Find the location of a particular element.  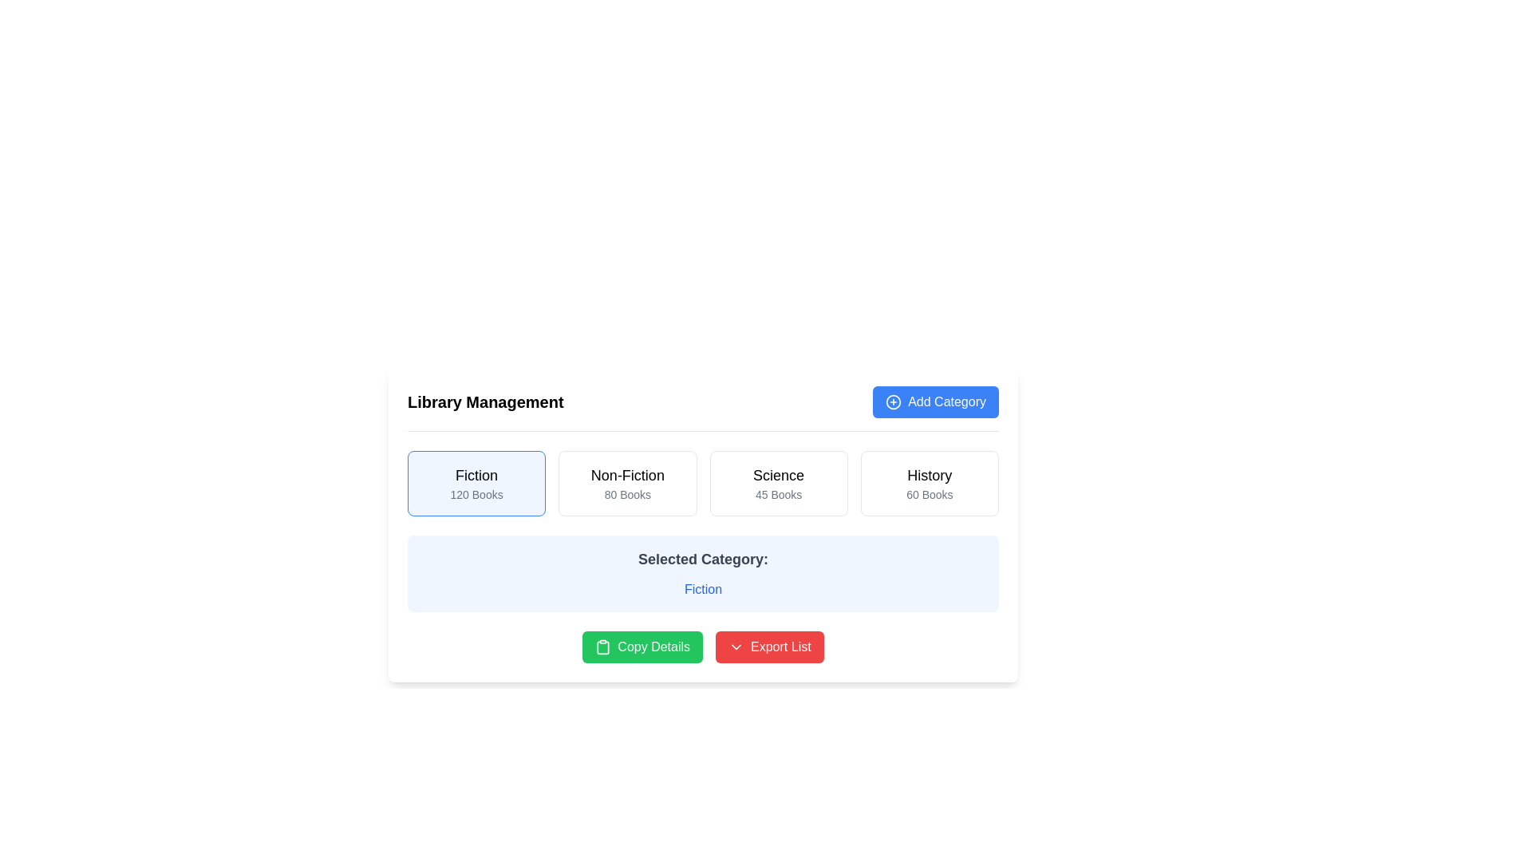

the 'Export List' button in the Button Group located at the bottom-center of the interface, below the 'Selected Category: Fiction' section is located at coordinates (702, 646).